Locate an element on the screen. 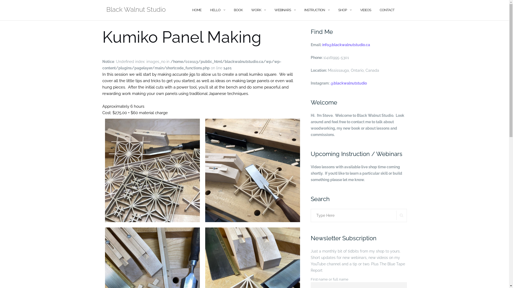 The image size is (513, 288). 'VIDEOS' is located at coordinates (365, 10).